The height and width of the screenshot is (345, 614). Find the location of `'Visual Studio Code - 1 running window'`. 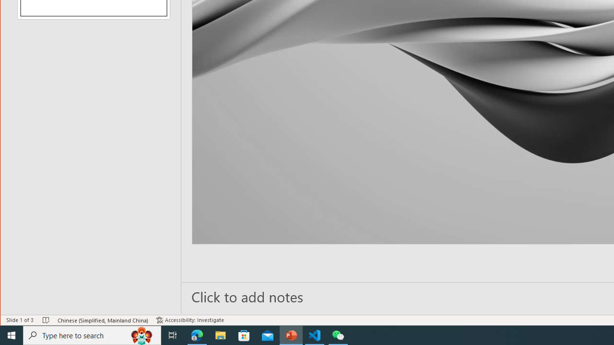

'Visual Studio Code - 1 running window' is located at coordinates (315, 334).